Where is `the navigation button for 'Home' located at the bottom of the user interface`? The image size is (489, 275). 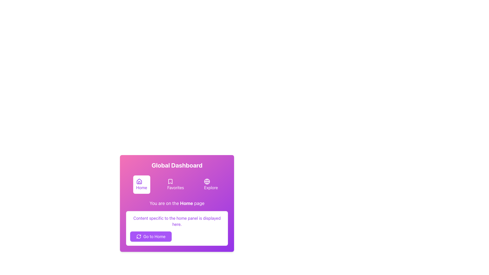 the navigation button for 'Home' located at the bottom of the user interface is located at coordinates (142, 185).